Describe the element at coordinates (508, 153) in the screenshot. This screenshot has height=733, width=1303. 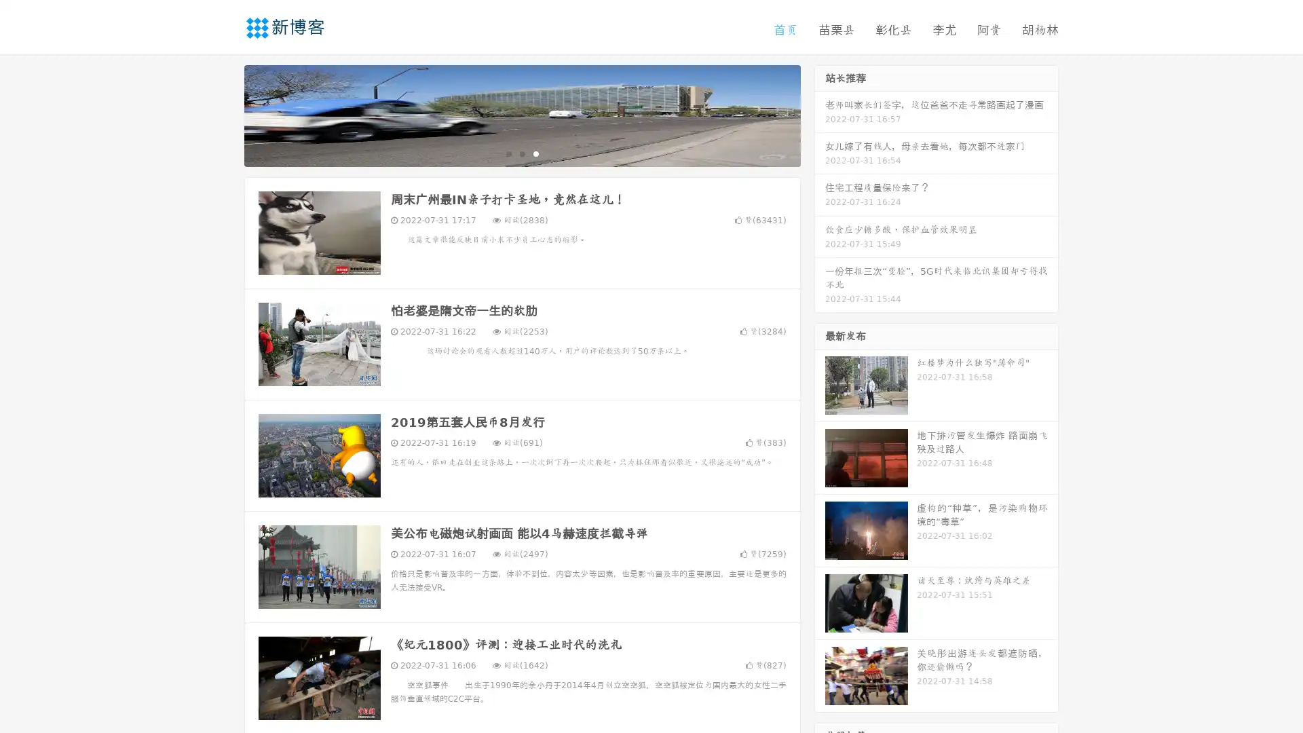
I see `Go to slide 1` at that location.